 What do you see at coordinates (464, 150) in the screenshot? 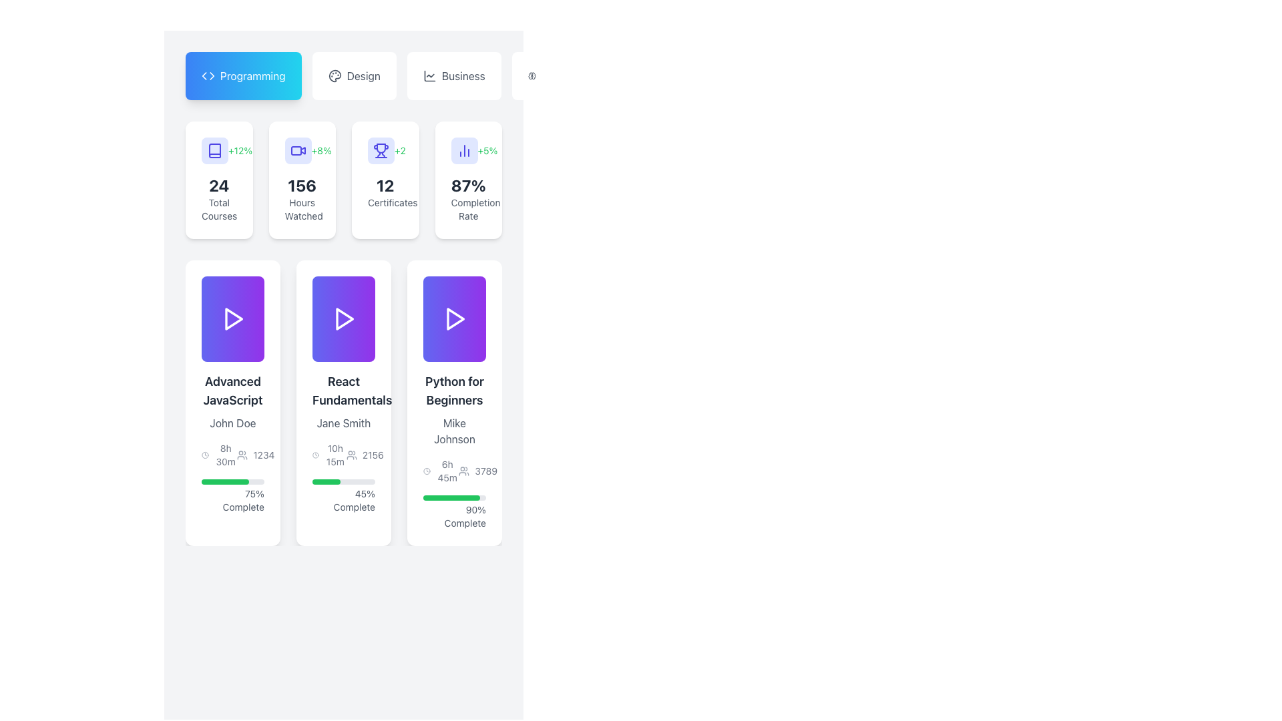
I see `the icon representing the '87% Completion Rate'` at bounding box center [464, 150].